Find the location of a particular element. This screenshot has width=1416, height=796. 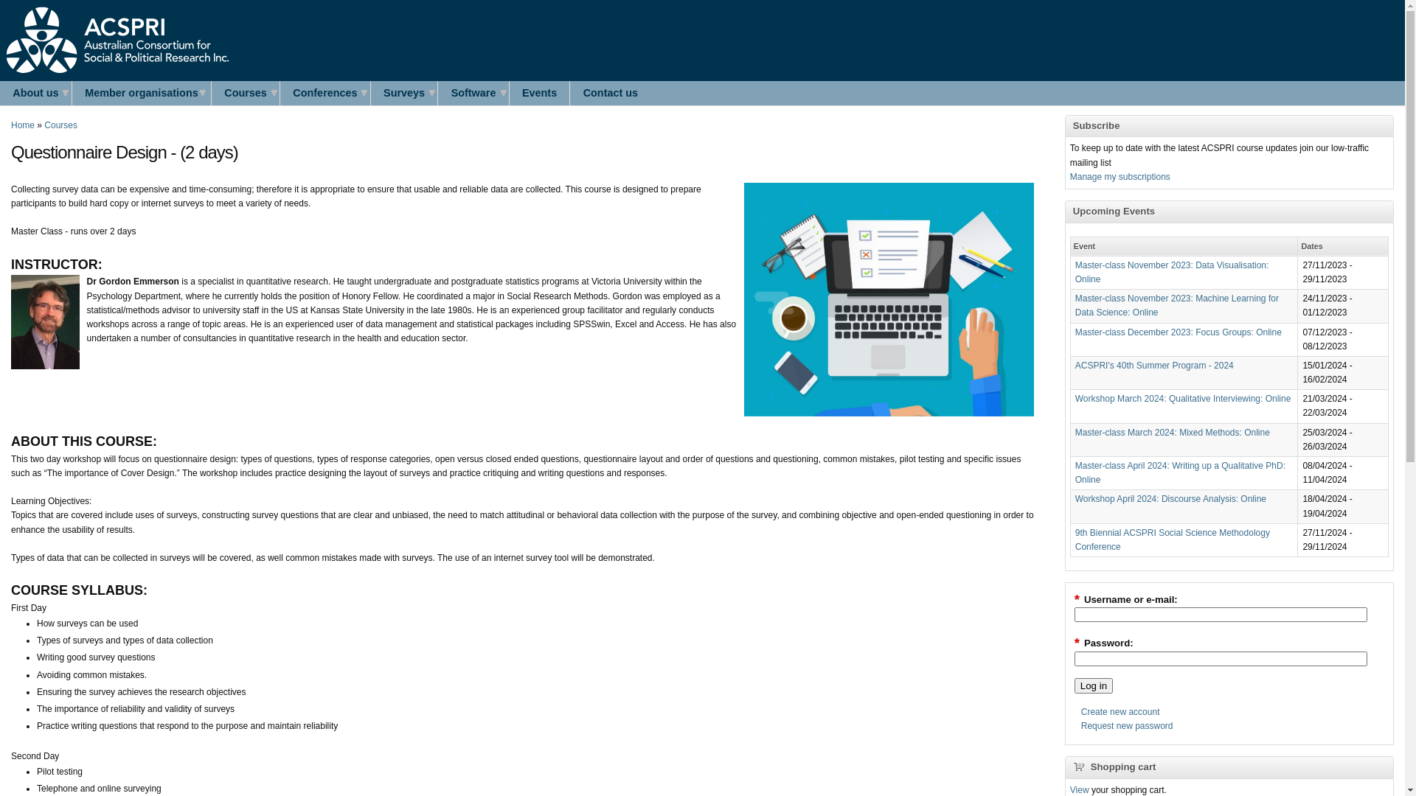

'Conferences' is located at coordinates (280, 93).